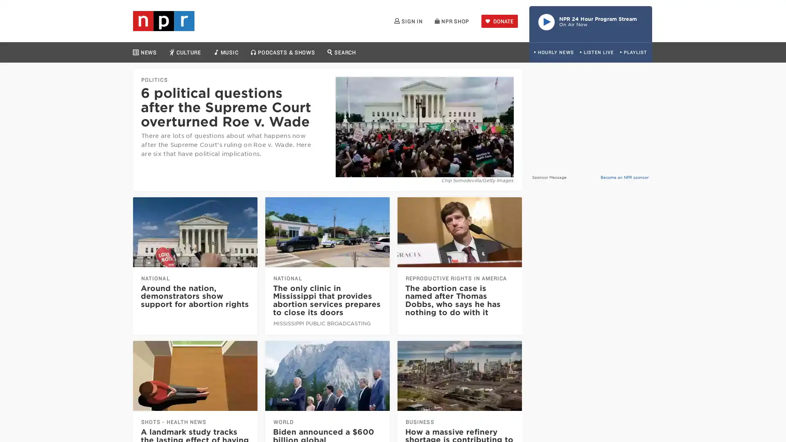 The height and width of the screenshot is (442, 786). Describe the element at coordinates (591, 23) in the screenshot. I see `Play Live Radio` at that location.